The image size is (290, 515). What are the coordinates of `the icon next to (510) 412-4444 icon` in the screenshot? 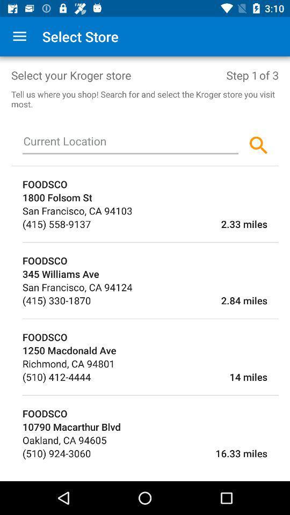 It's located at (179, 377).